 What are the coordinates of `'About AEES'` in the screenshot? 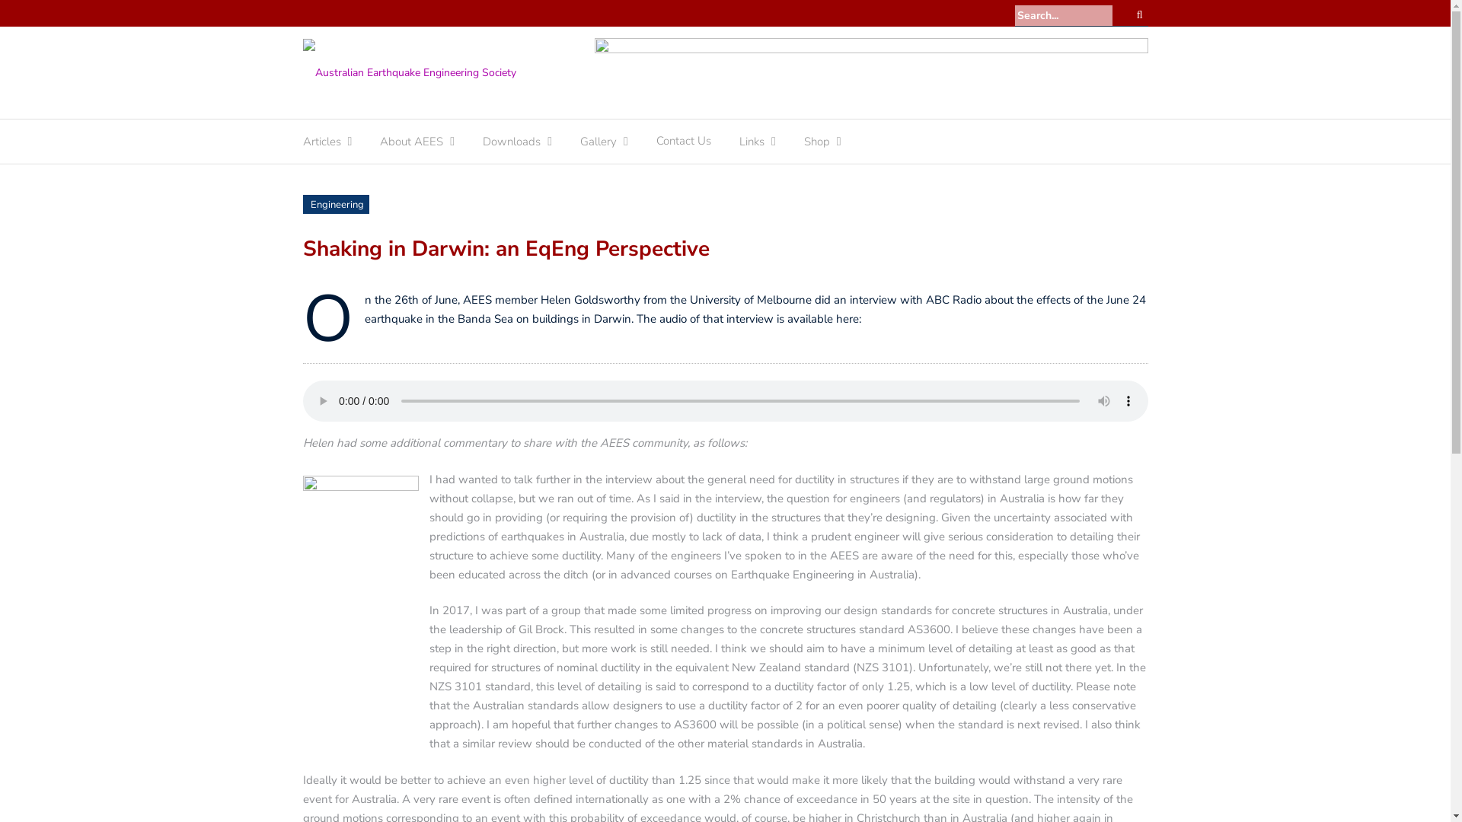 It's located at (411, 145).